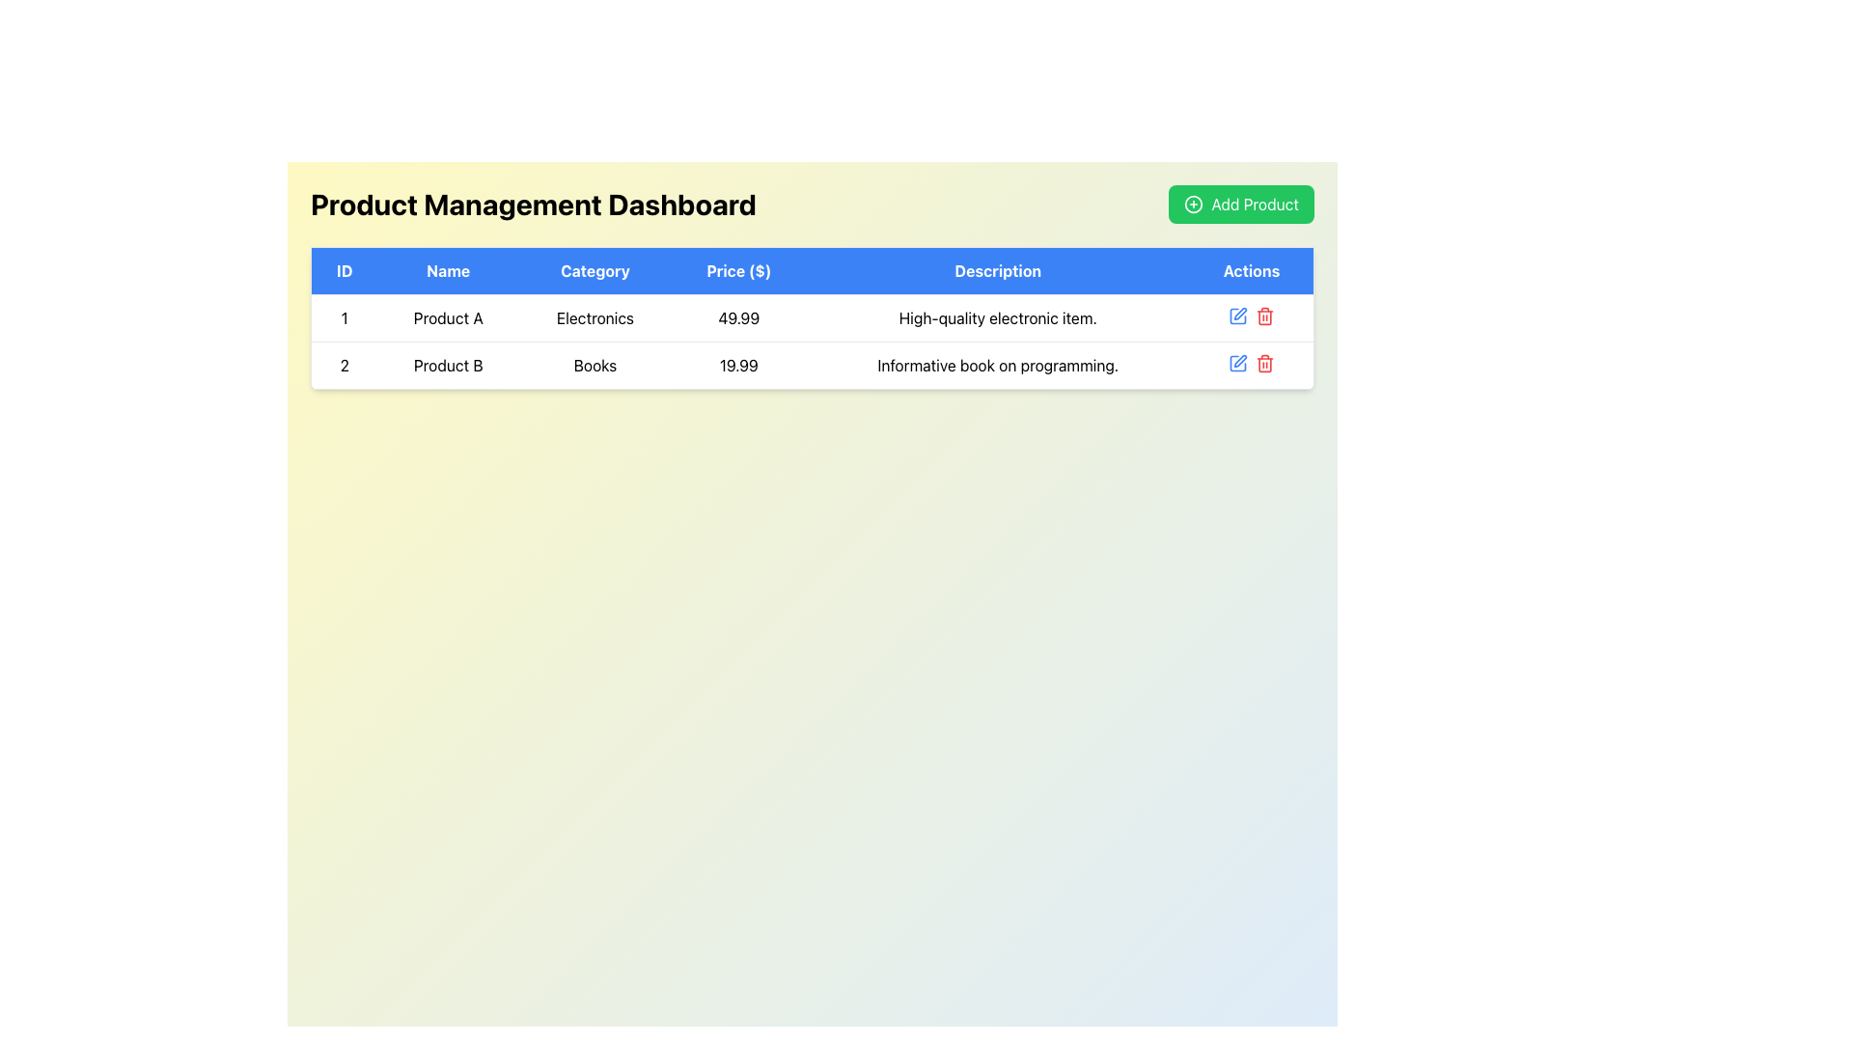 The image size is (1853, 1042). What do you see at coordinates (533, 205) in the screenshot?
I see `the header text label indicating 'Product Management Dashboard', which is centrally aligned at the top section of the page, located to the left of the 'Add Product' button` at bounding box center [533, 205].